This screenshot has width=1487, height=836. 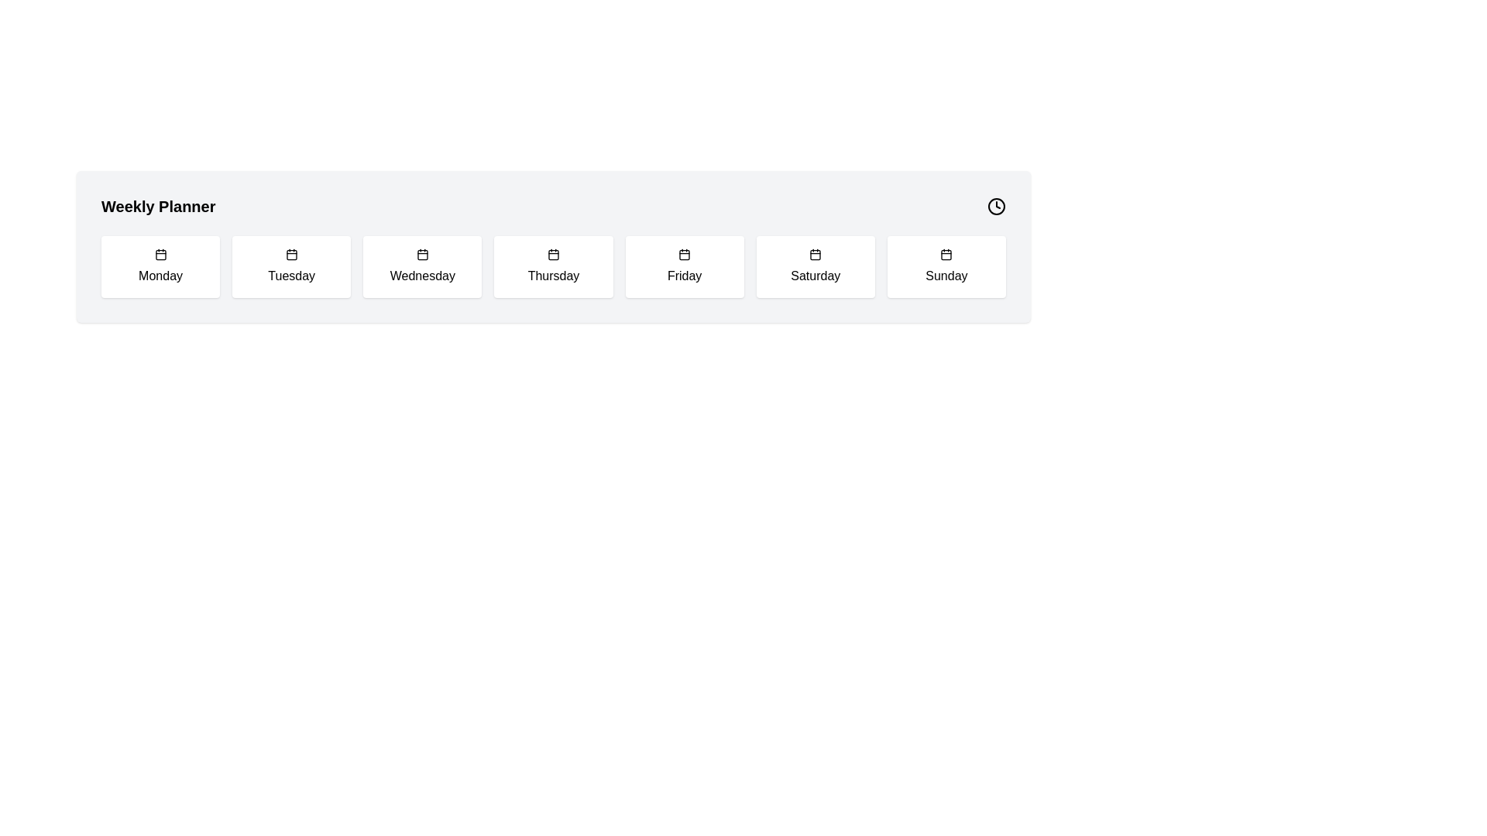 I want to click on the day represented by the button-like component labeled 'Thursday', which is the fourth element in a row of seven representing the days of the week, so click(x=554, y=266).